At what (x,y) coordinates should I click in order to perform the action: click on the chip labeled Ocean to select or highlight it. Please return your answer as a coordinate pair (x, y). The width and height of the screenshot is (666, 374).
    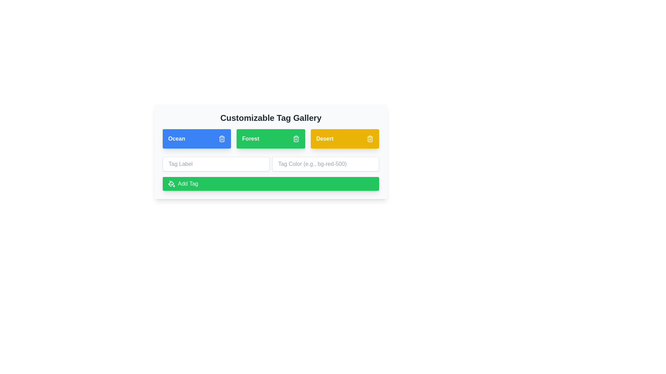
    Looking at the image, I should click on (196, 139).